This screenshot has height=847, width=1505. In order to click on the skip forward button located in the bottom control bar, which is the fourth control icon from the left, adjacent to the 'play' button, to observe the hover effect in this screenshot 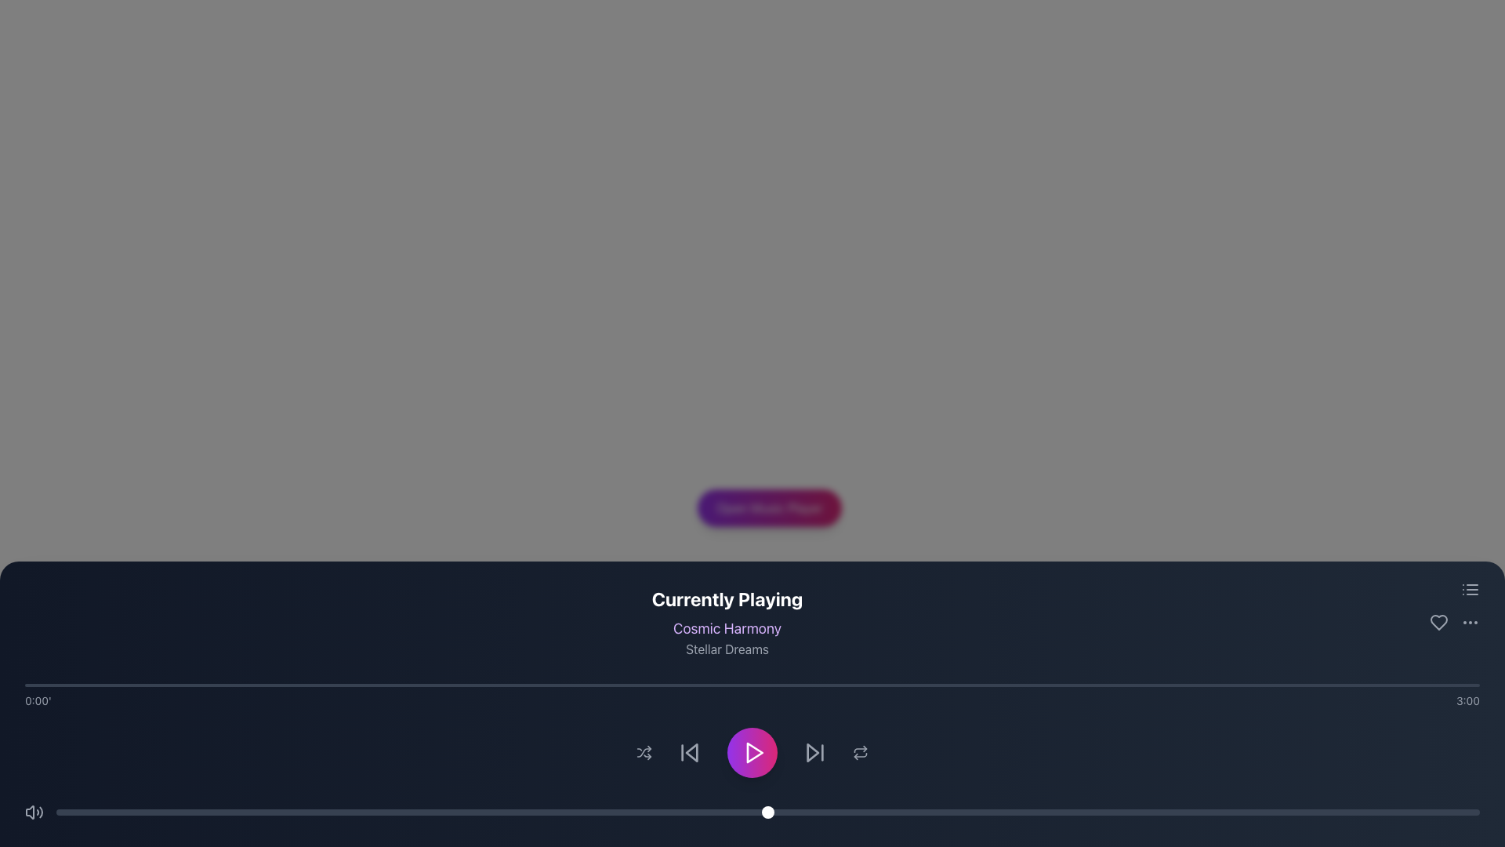, I will do `click(815, 752)`.